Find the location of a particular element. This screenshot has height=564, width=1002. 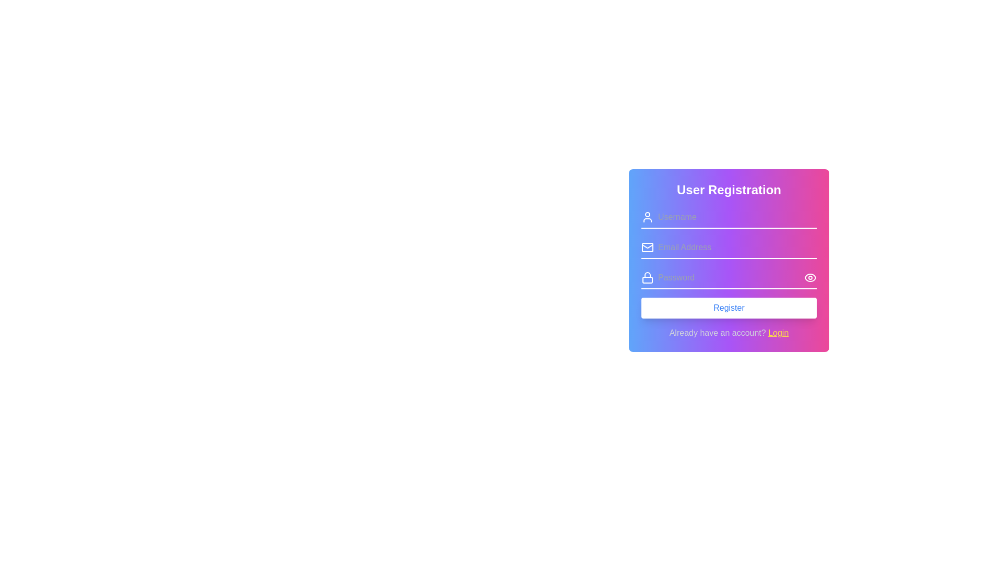

the blue envelope icon with a post-modern style, used to signify email or messaging functionality, located to the left of the email address input field in the user registration form is located at coordinates (647, 248).